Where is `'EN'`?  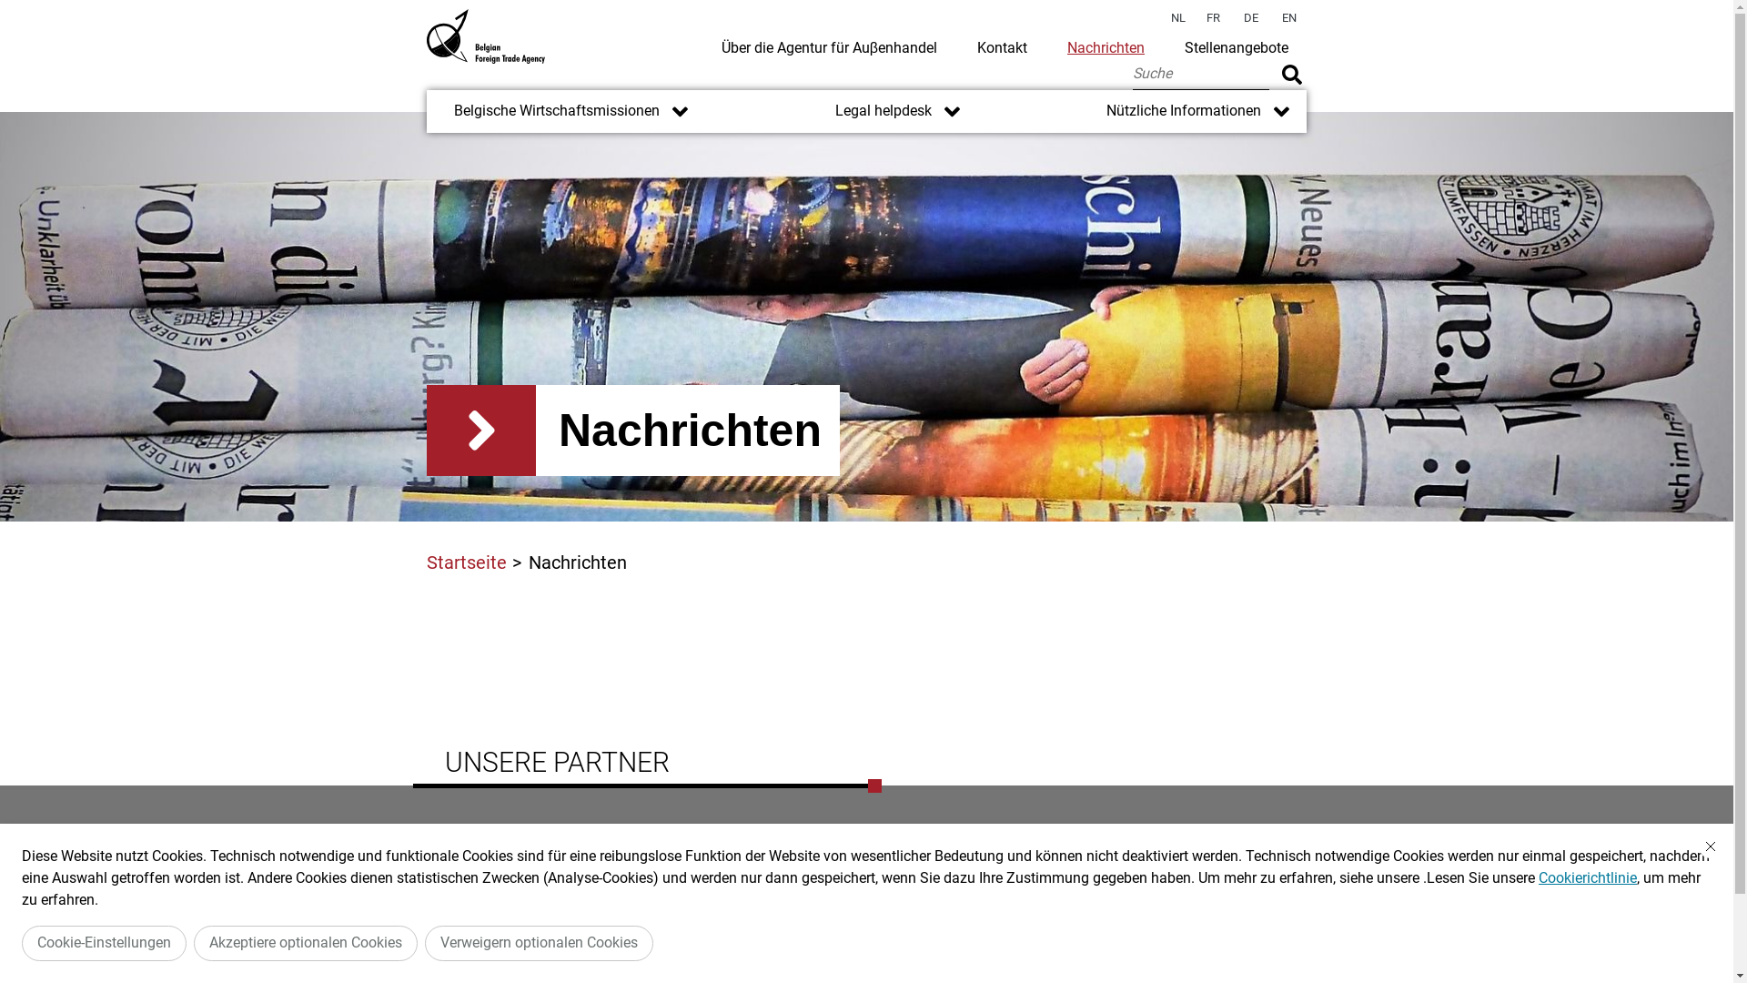 'EN' is located at coordinates (1288, 18).